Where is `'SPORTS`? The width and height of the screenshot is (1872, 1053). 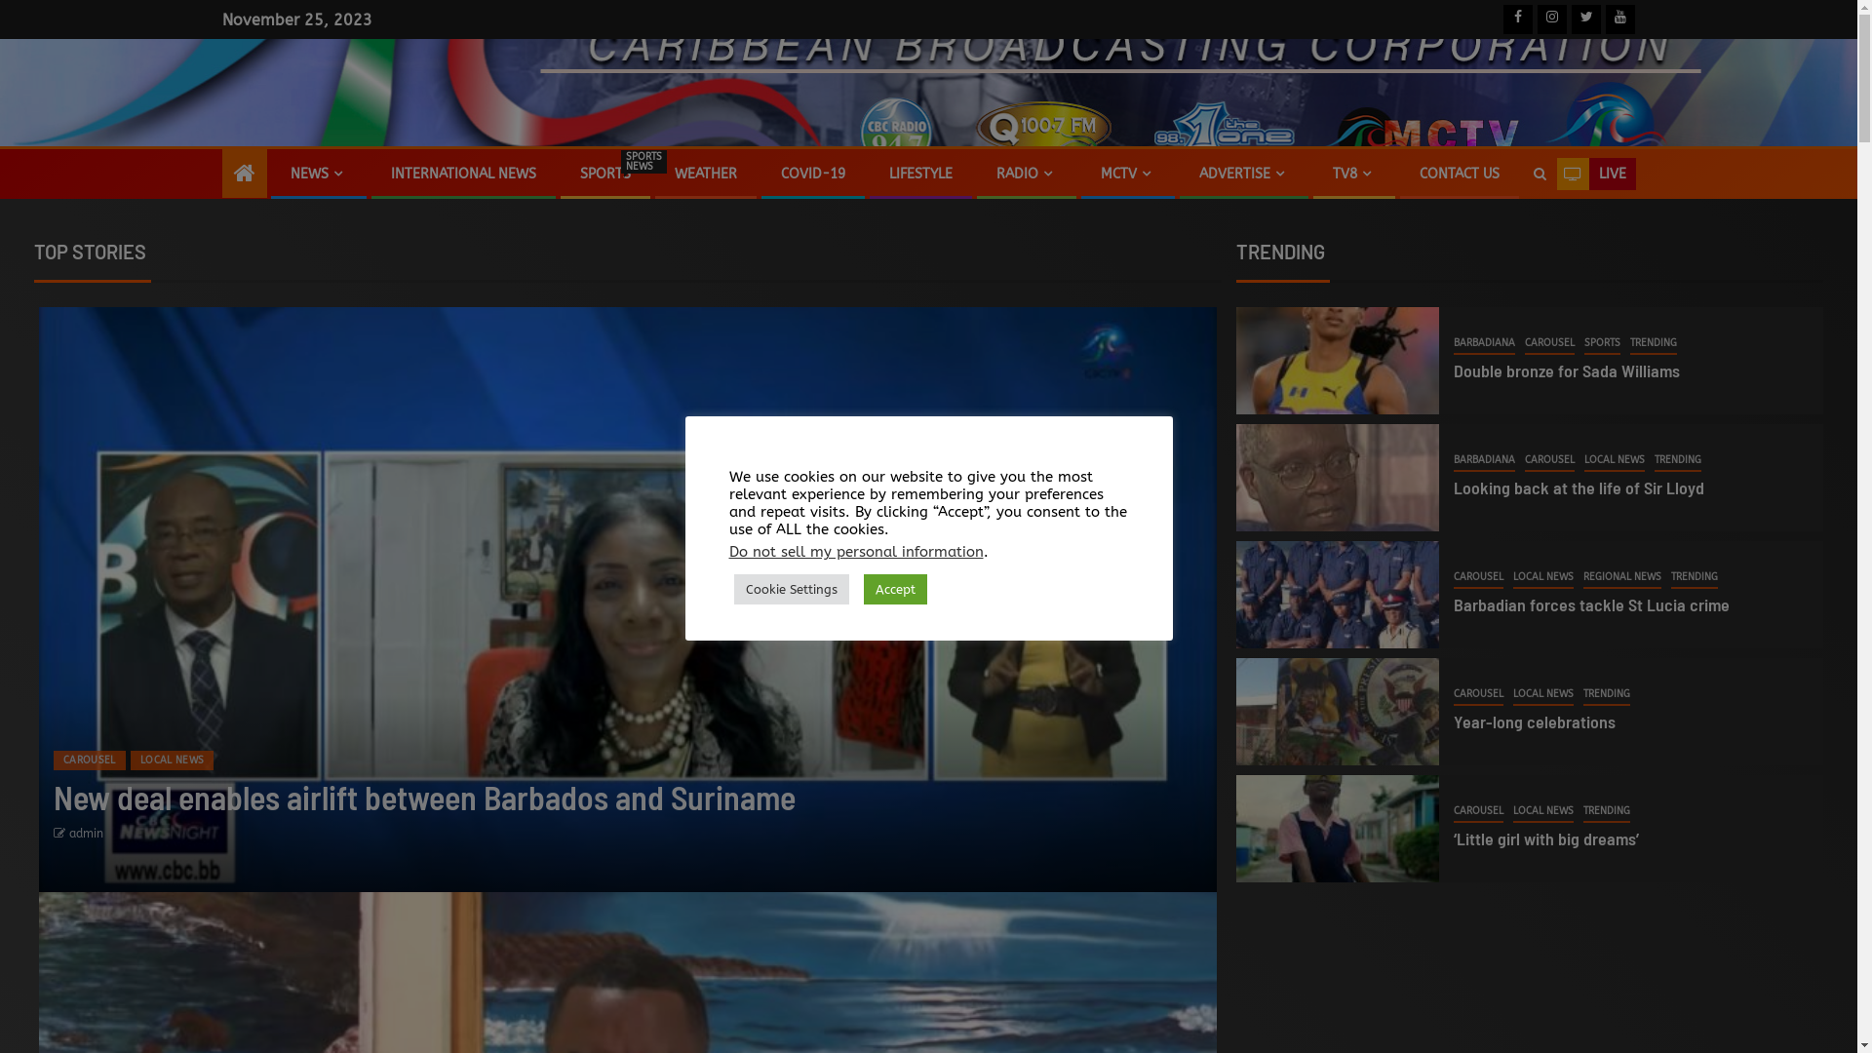
'SPORTS is located at coordinates (578, 173).